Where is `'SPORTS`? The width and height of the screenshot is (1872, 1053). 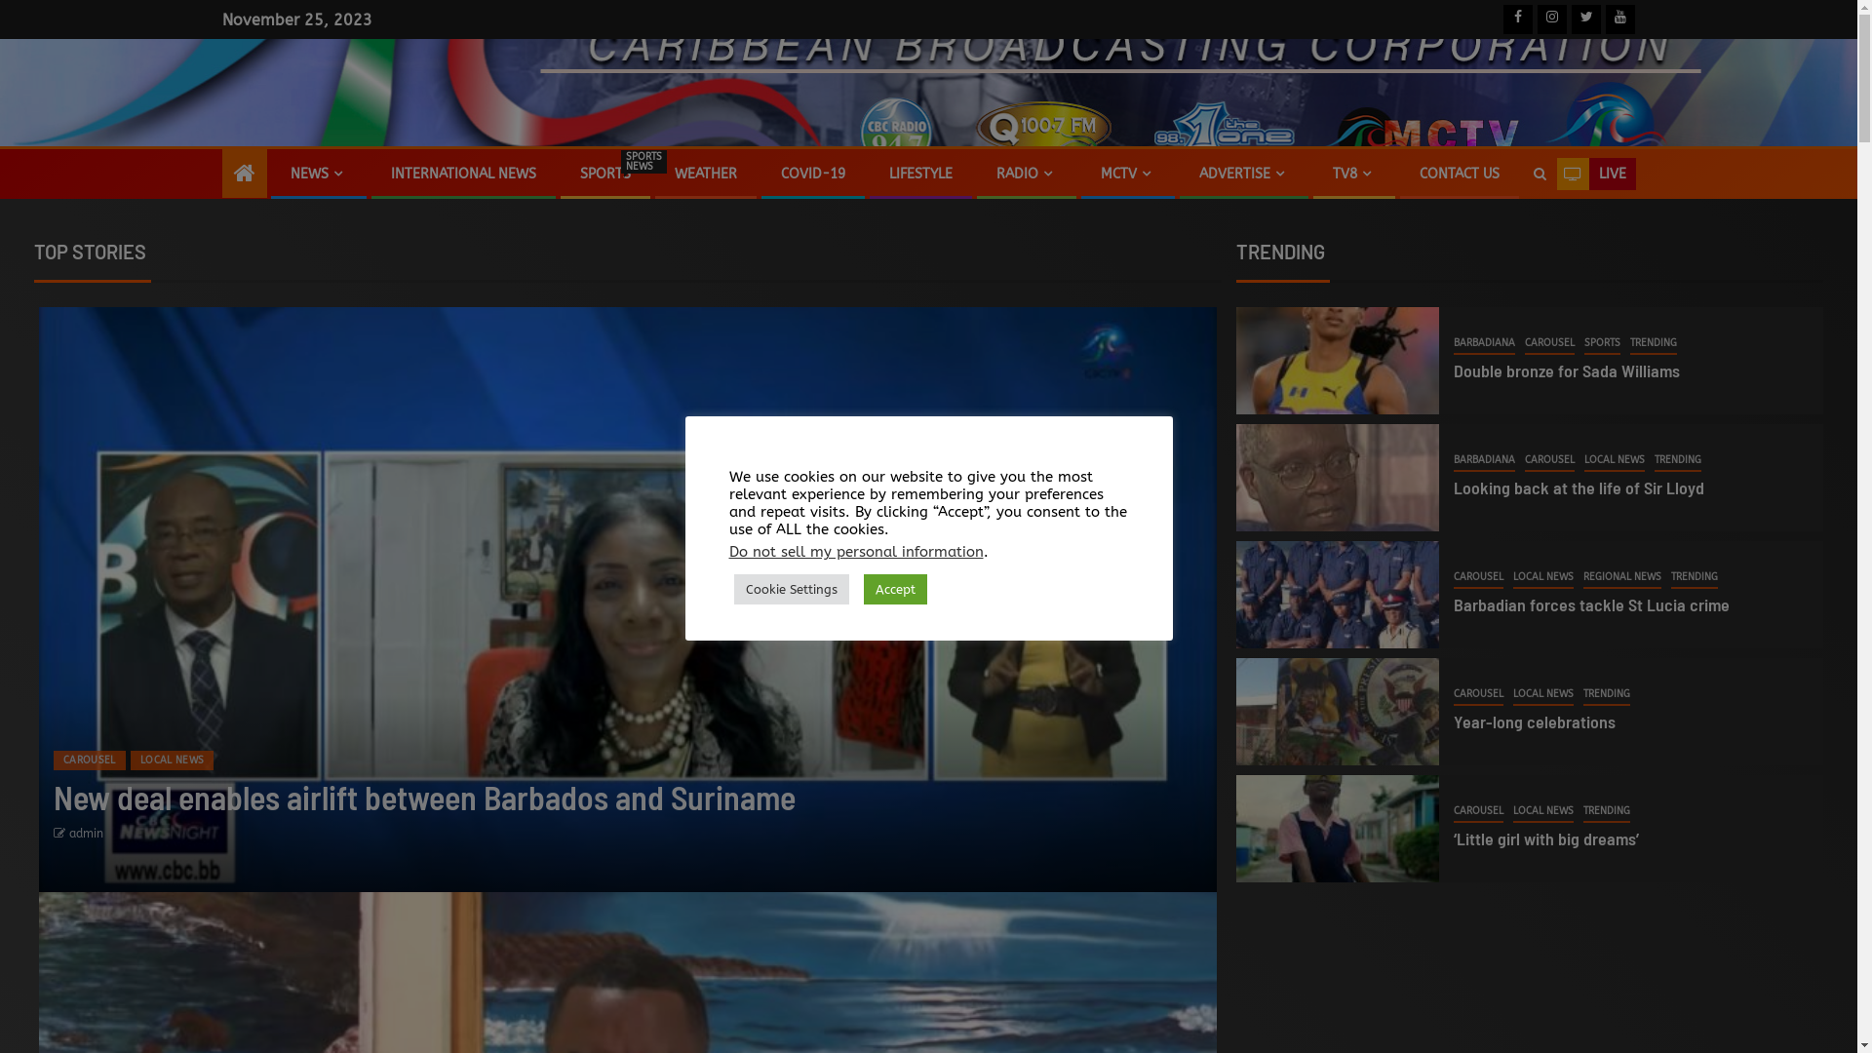
'SPORTS is located at coordinates (578, 173).